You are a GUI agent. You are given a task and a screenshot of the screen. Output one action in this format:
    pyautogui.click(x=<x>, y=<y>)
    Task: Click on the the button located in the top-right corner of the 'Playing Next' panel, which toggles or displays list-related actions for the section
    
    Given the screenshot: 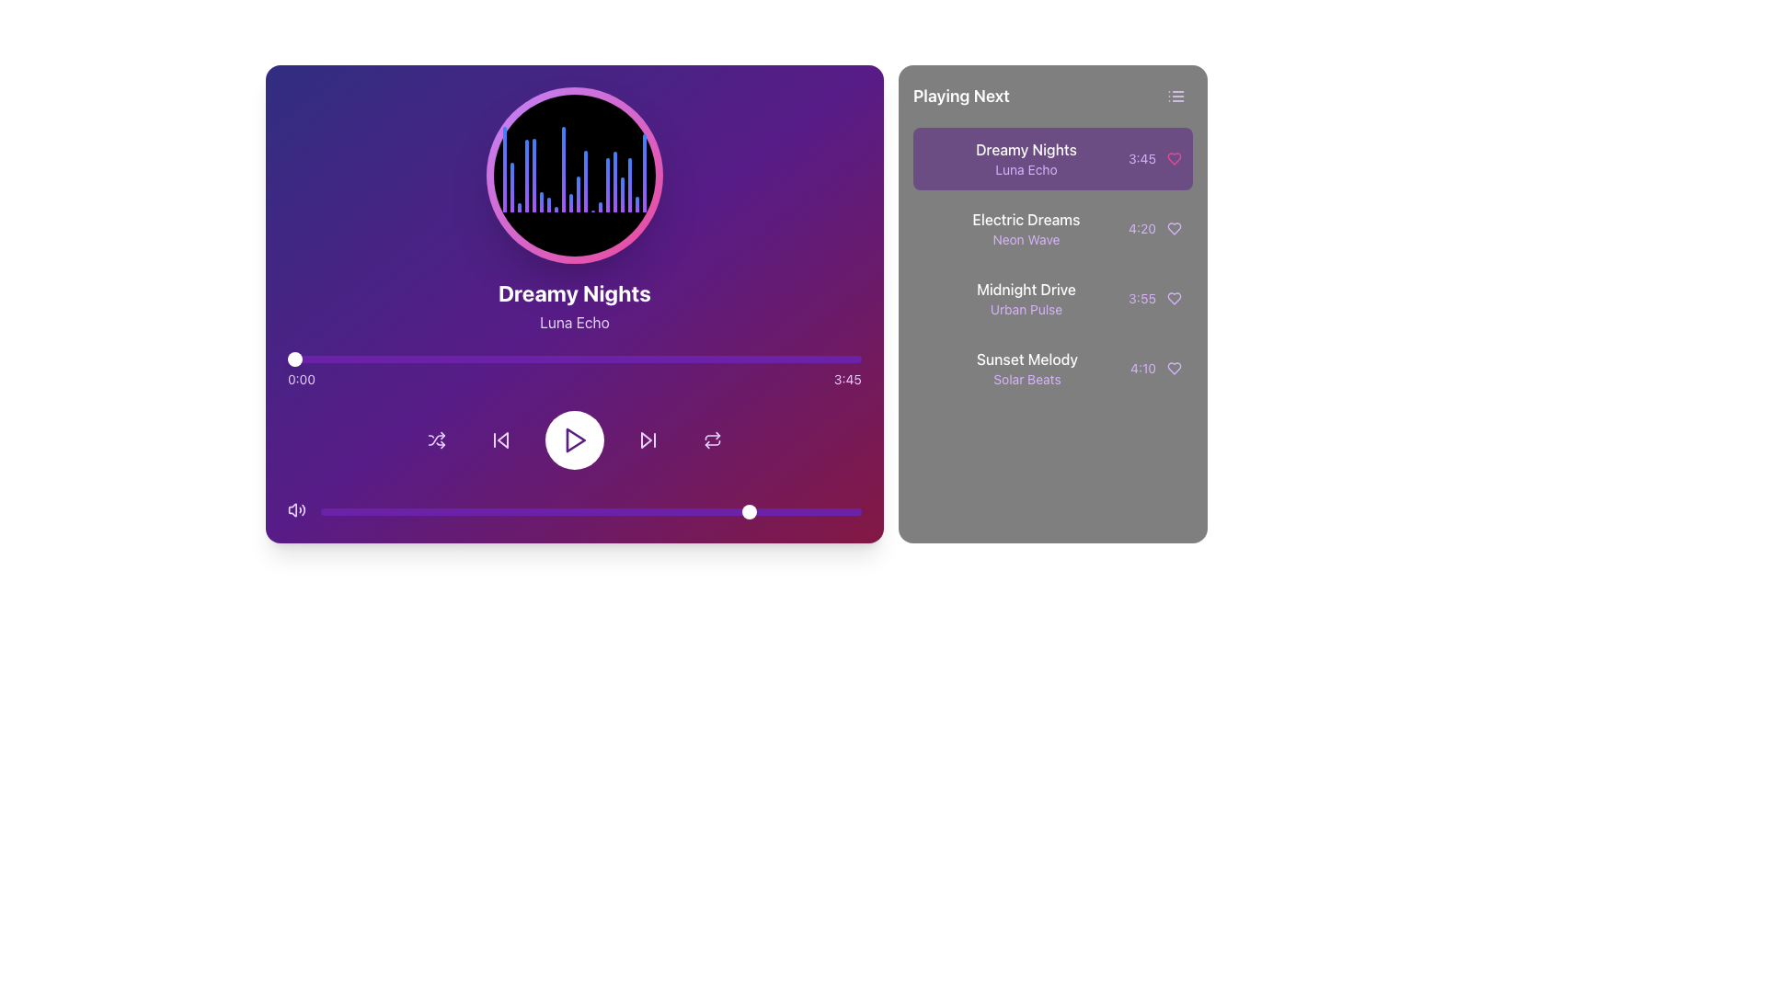 What is the action you would take?
    pyautogui.click(x=1175, y=96)
    